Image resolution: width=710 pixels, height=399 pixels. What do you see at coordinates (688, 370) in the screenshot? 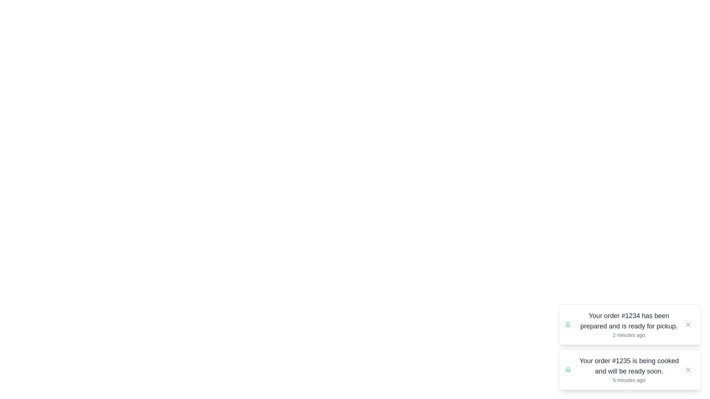
I see `the close icon button resembling an 'X' located at the top-right corner of the bottom notification card` at bounding box center [688, 370].